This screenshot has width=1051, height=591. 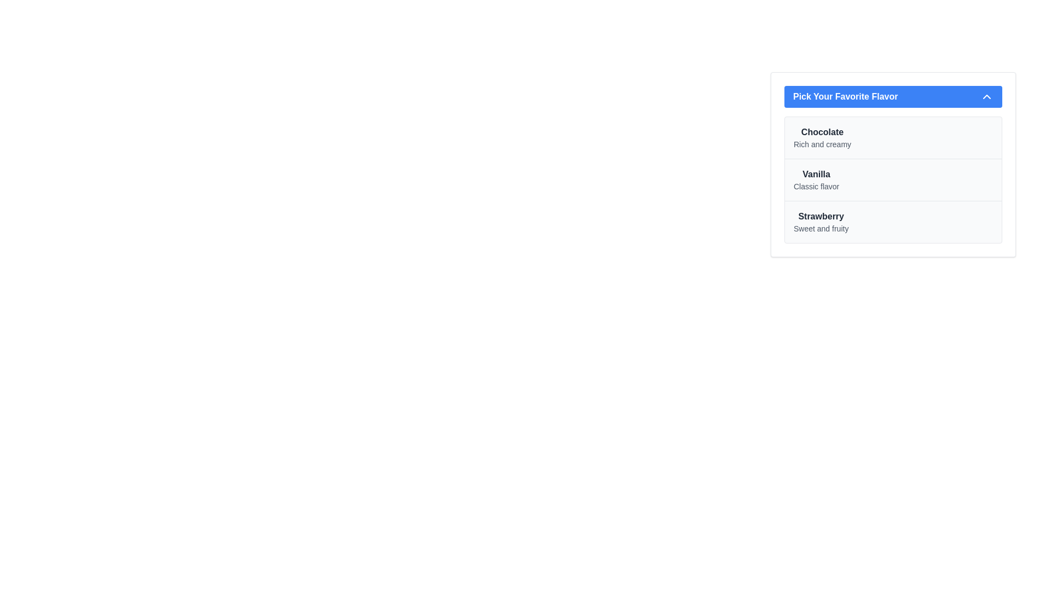 What do you see at coordinates (822, 137) in the screenshot?
I see `the text element displaying 'Chocolate' in bold font` at bounding box center [822, 137].